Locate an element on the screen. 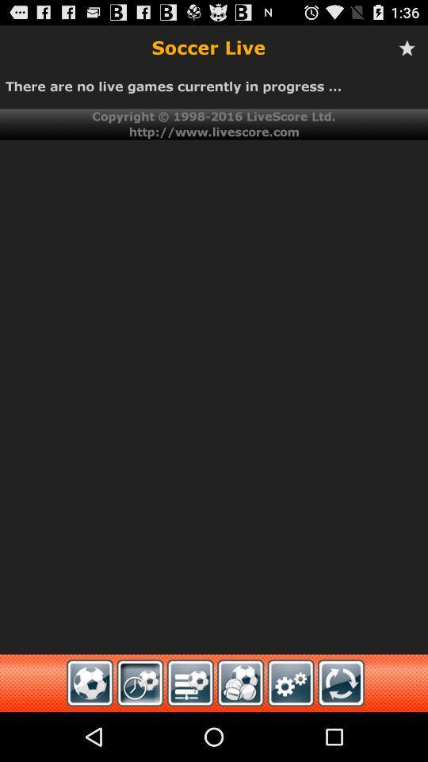 The image size is (428, 762). the time icon is located at coordinates (140, 731).